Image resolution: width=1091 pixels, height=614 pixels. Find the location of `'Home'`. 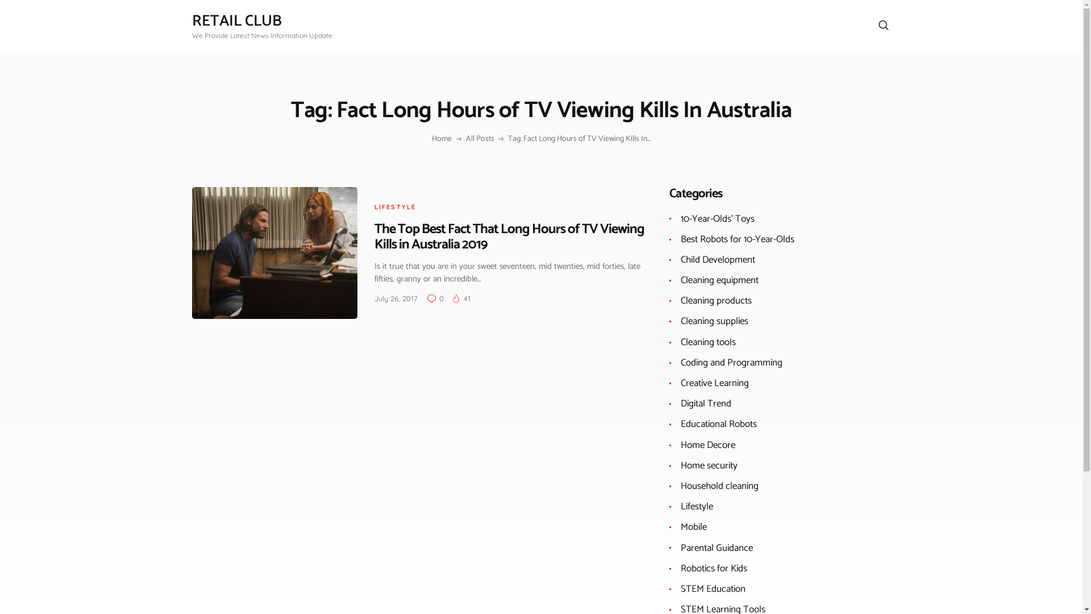

'Home' is located at coordinates (441, 139).